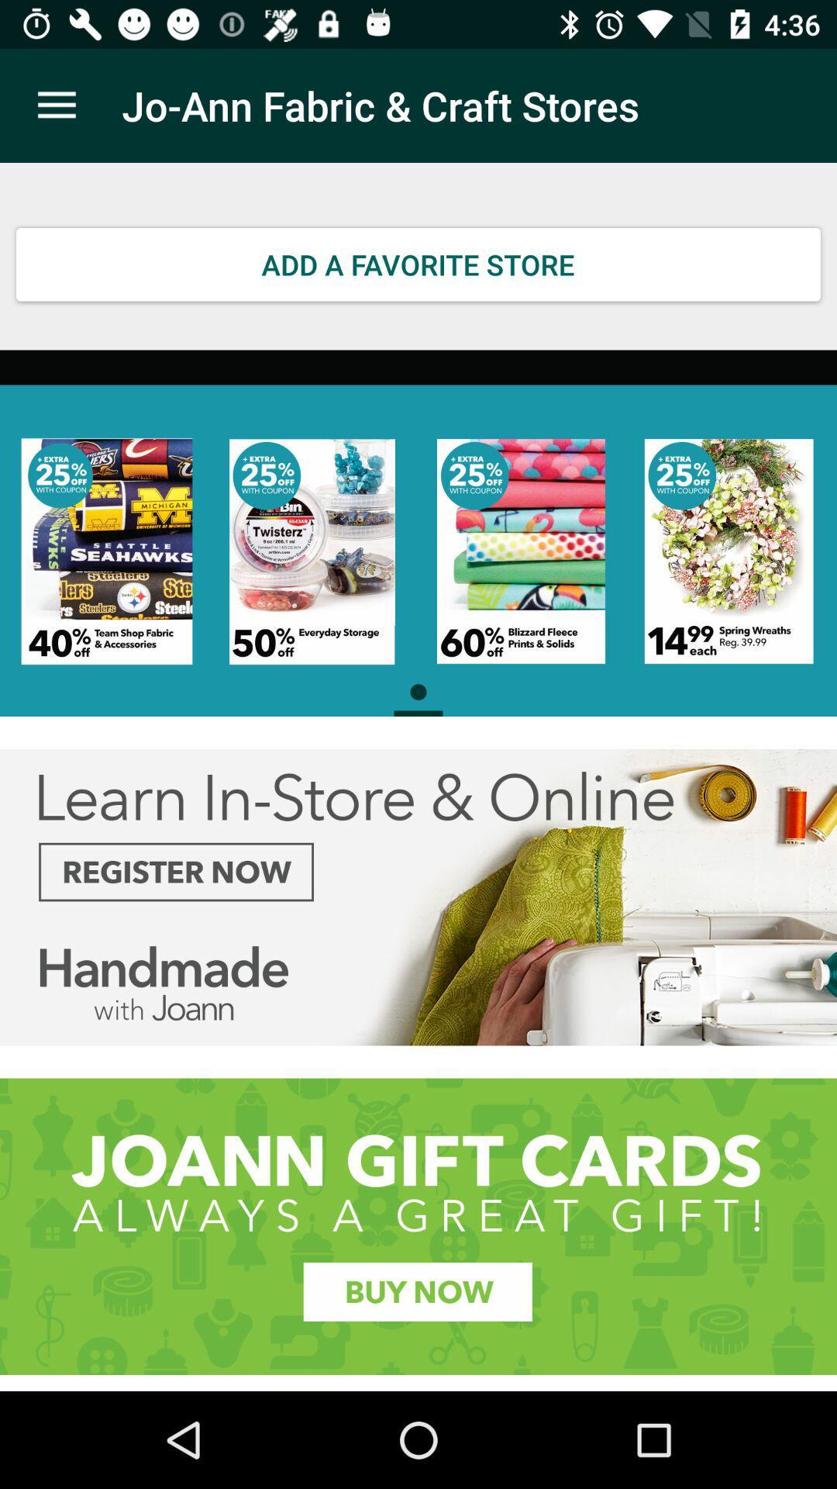 This screenshot has height=1489, width=837. I want to click on the icon at the top left corner, so click(56, 105).